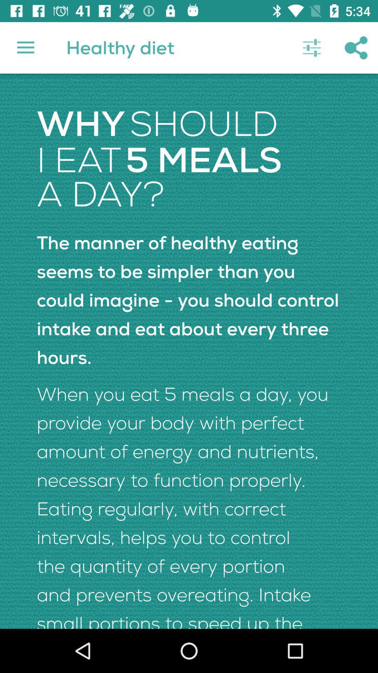  What do you see at coordinates (25, 47) in the screenshot?
I see `item next to the healthy diet icon` at bounding box center [25, 47].